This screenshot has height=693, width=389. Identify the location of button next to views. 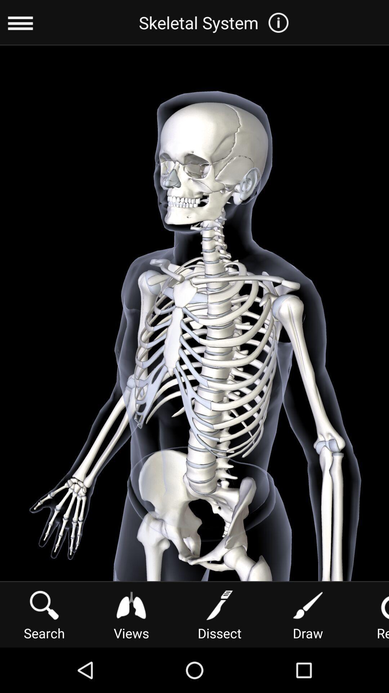
(44, 614).